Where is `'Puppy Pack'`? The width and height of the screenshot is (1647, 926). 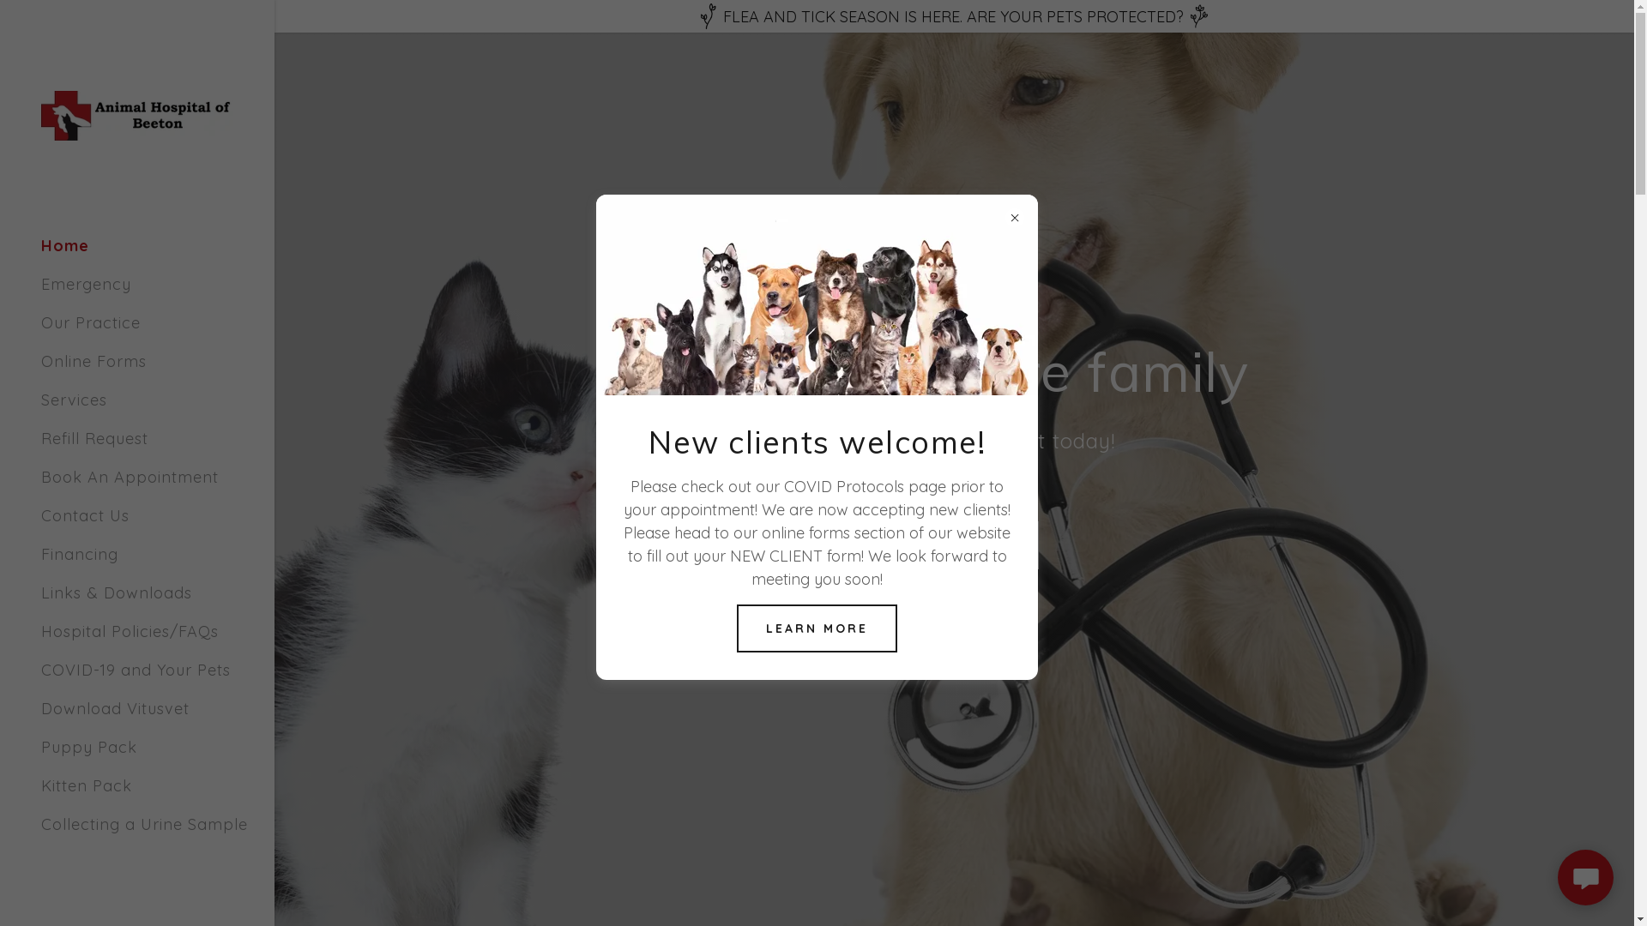 'Puppy Pack' is located at coordinates (41, 746).